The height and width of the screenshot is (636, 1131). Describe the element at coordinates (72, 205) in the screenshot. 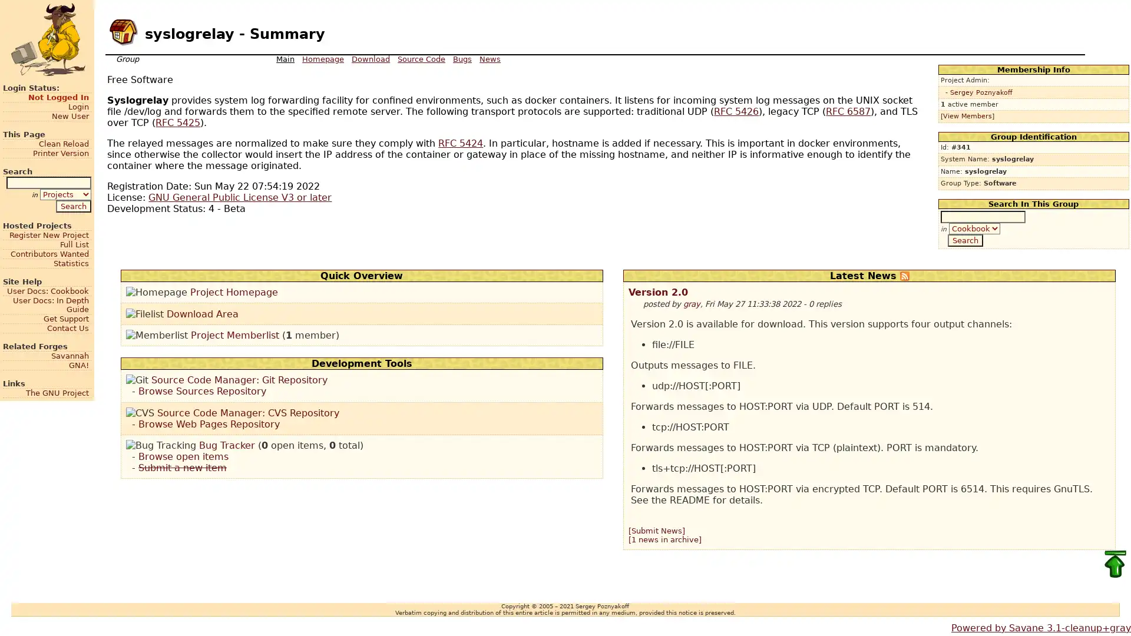

I see `Search` at that location.